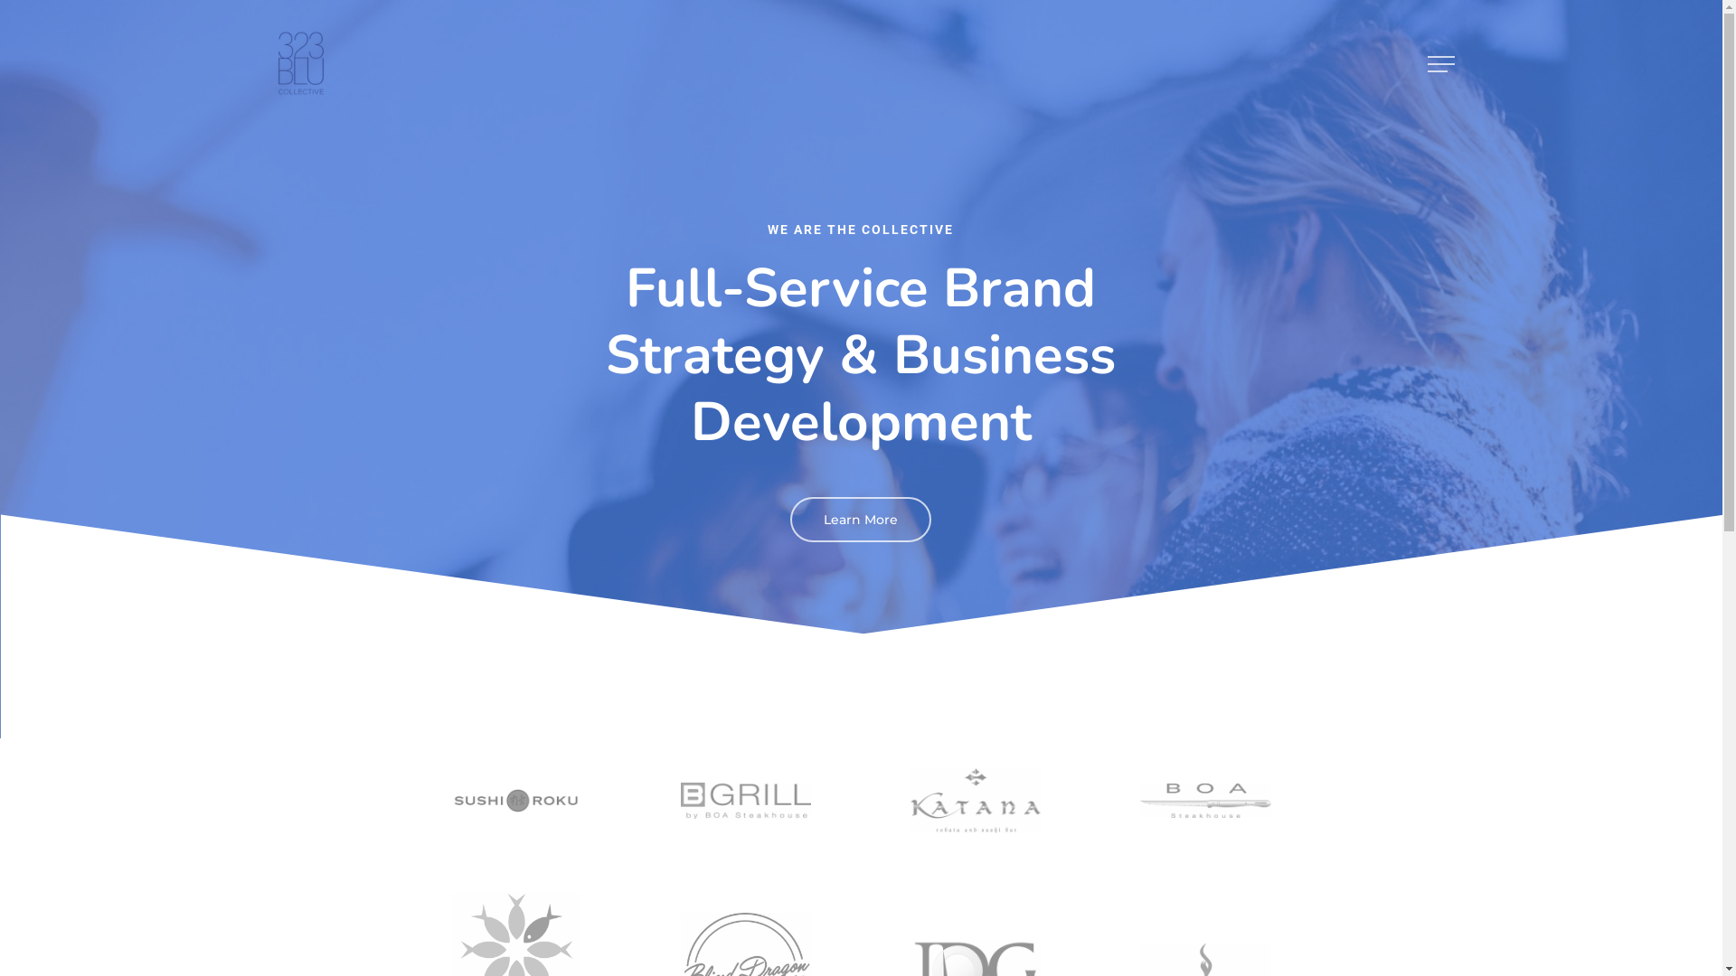 The width and height of the screenshot is (1736, 976). Describe the element at coordinates (859, 519) in the screenshot. I see `'Learn More'` at that location.